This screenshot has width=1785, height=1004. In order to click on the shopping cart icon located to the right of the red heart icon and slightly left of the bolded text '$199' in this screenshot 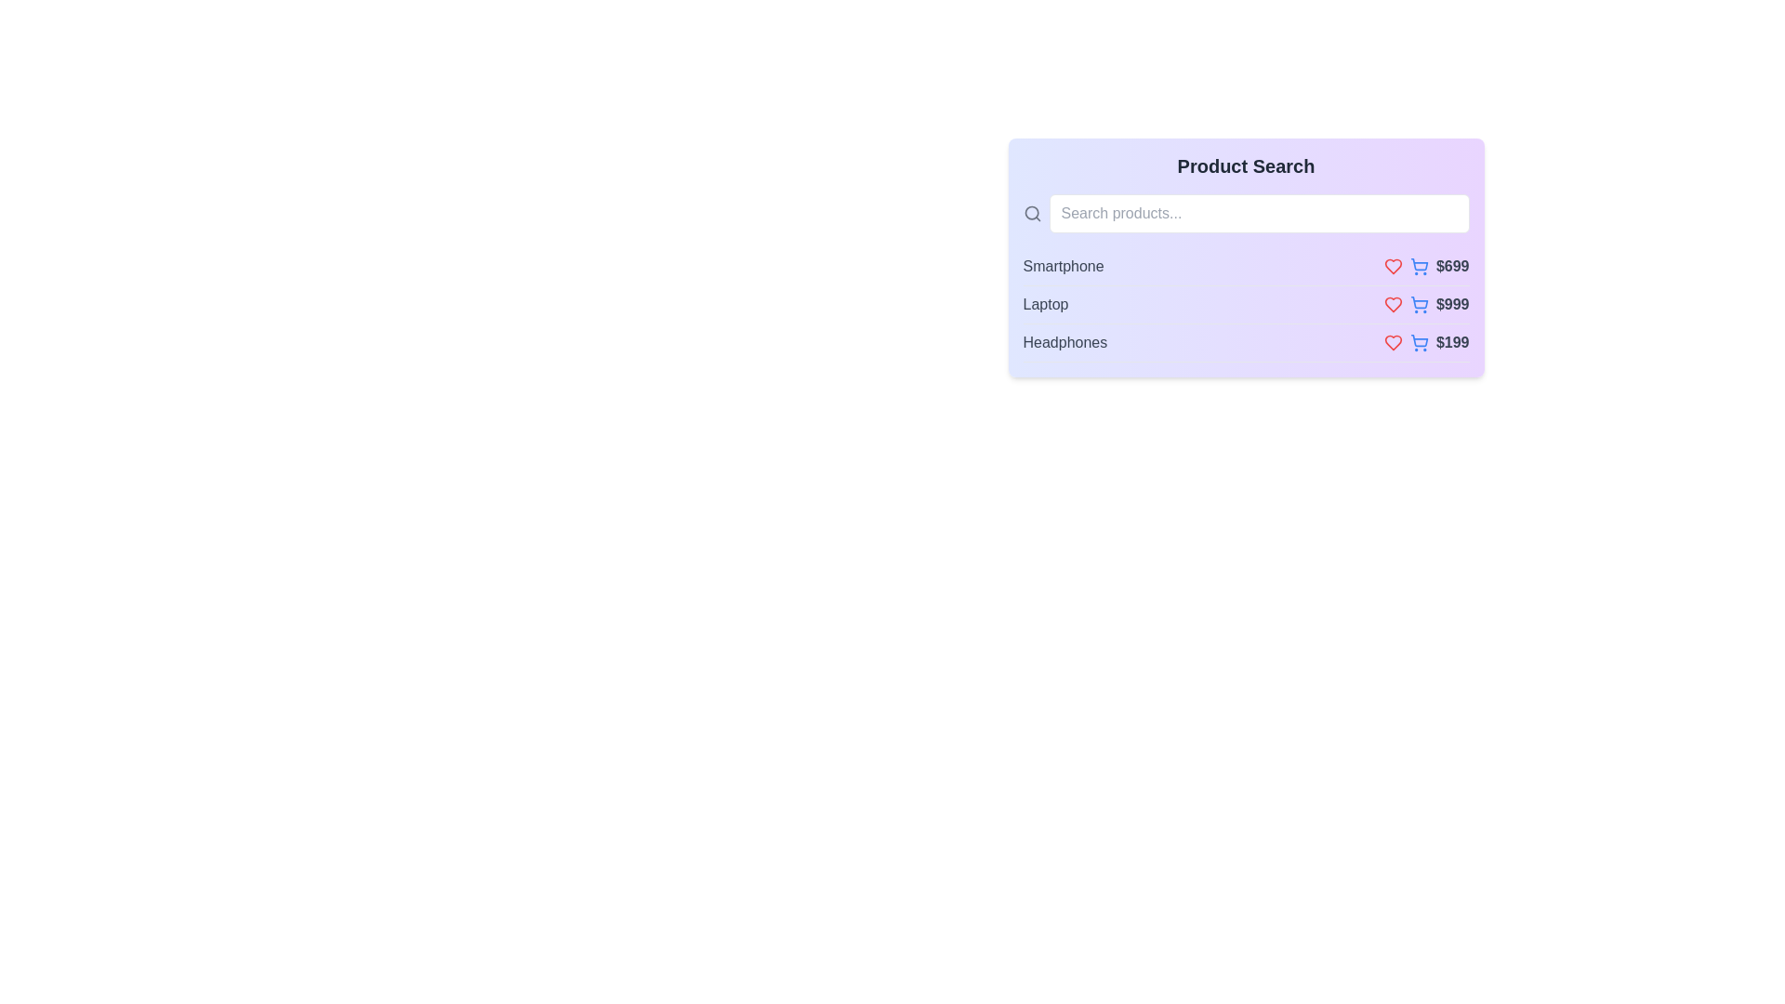, I will do `click(1425, 343)`.